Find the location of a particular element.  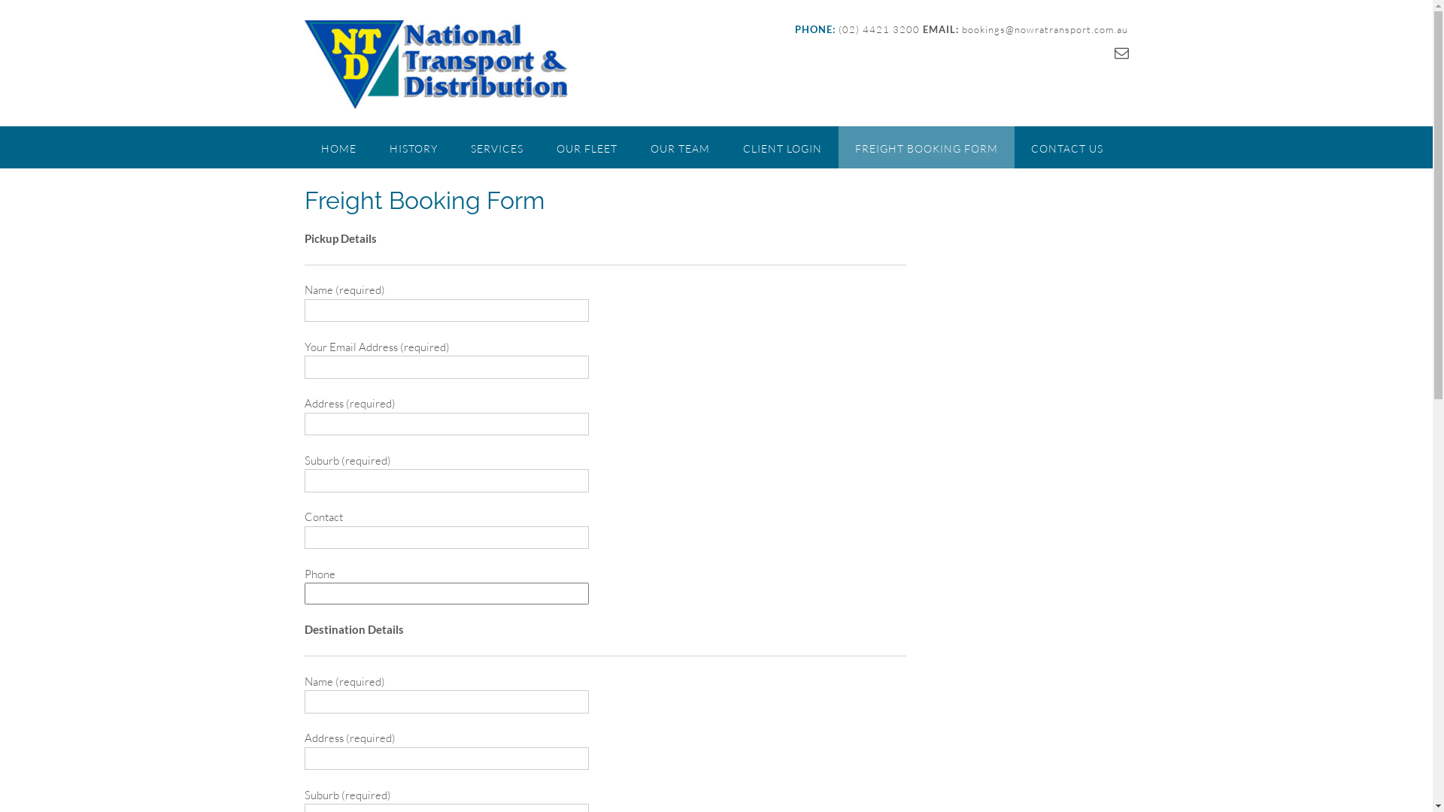

'OUR FLEET' is located at coordinates (586, 147).